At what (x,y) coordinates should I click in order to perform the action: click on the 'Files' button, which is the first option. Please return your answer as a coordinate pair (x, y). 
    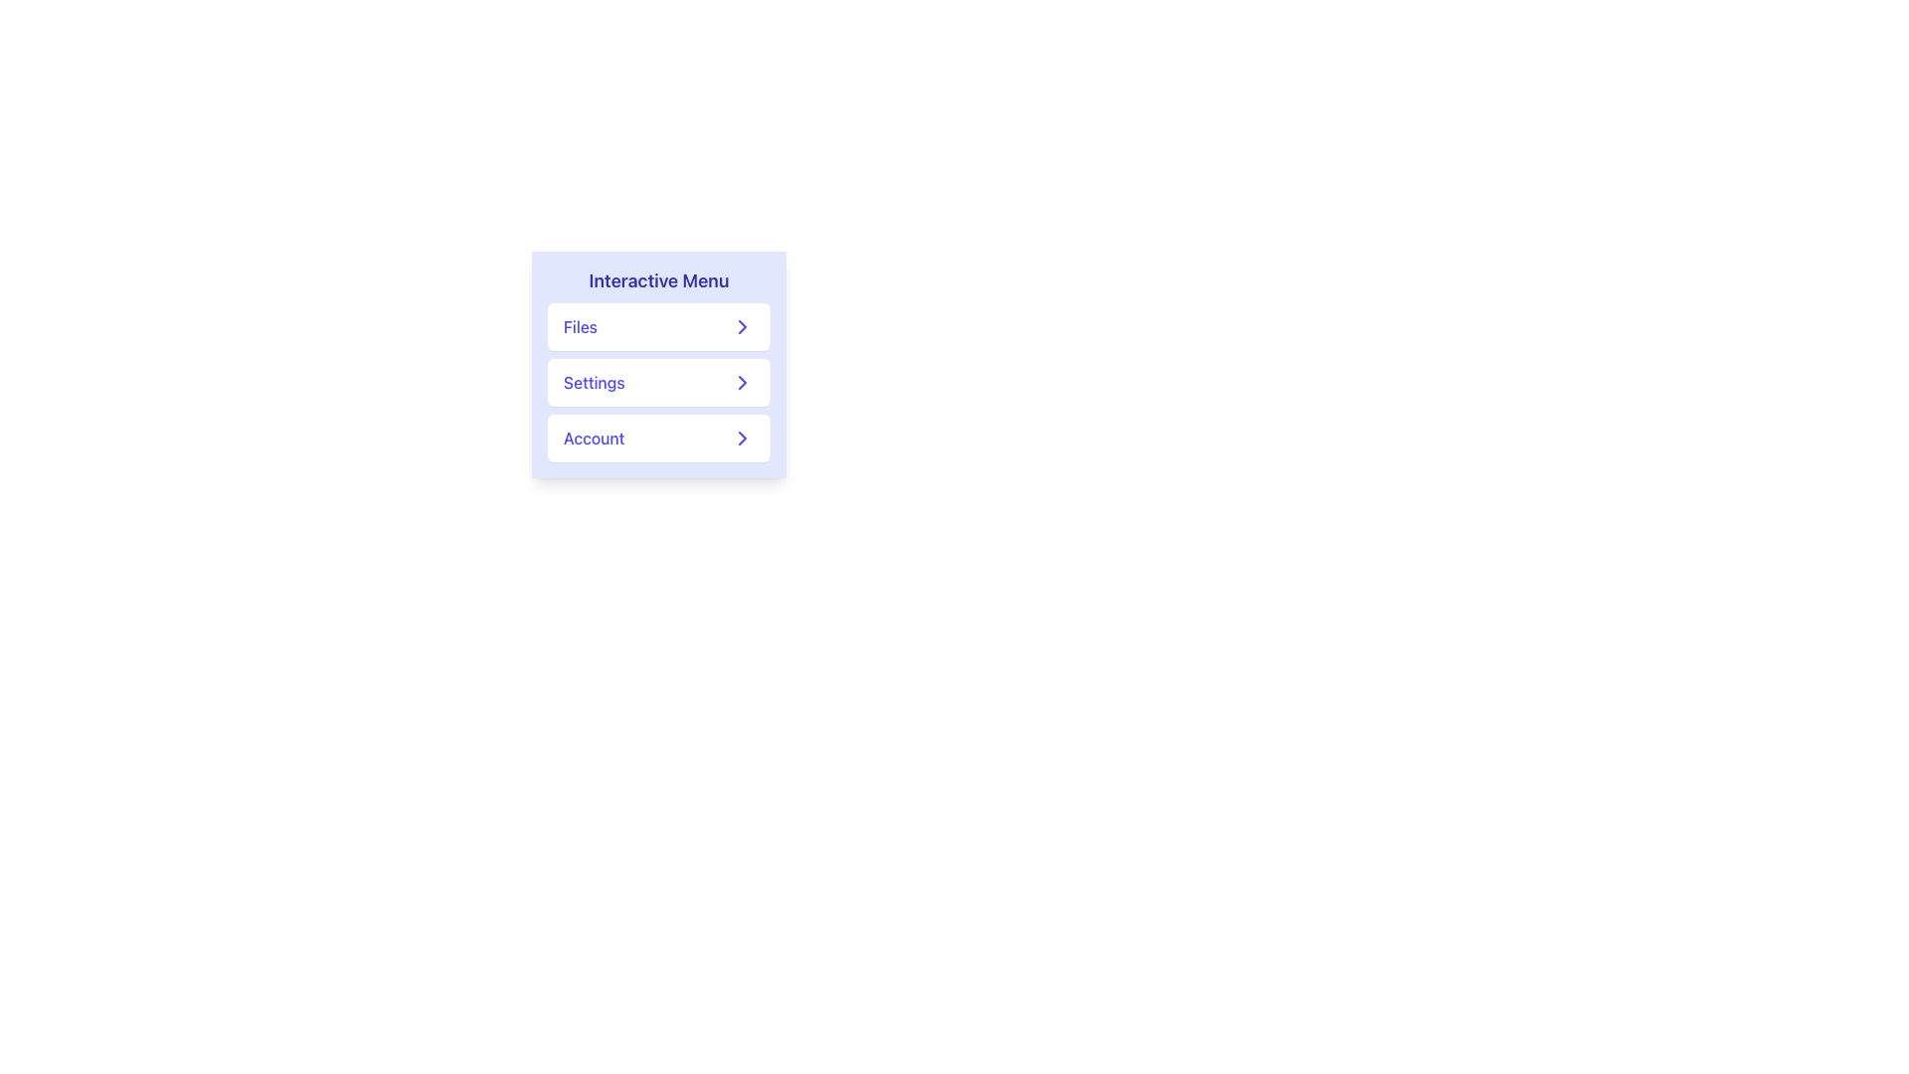
    Looking at the image, I should click on (658, 325).